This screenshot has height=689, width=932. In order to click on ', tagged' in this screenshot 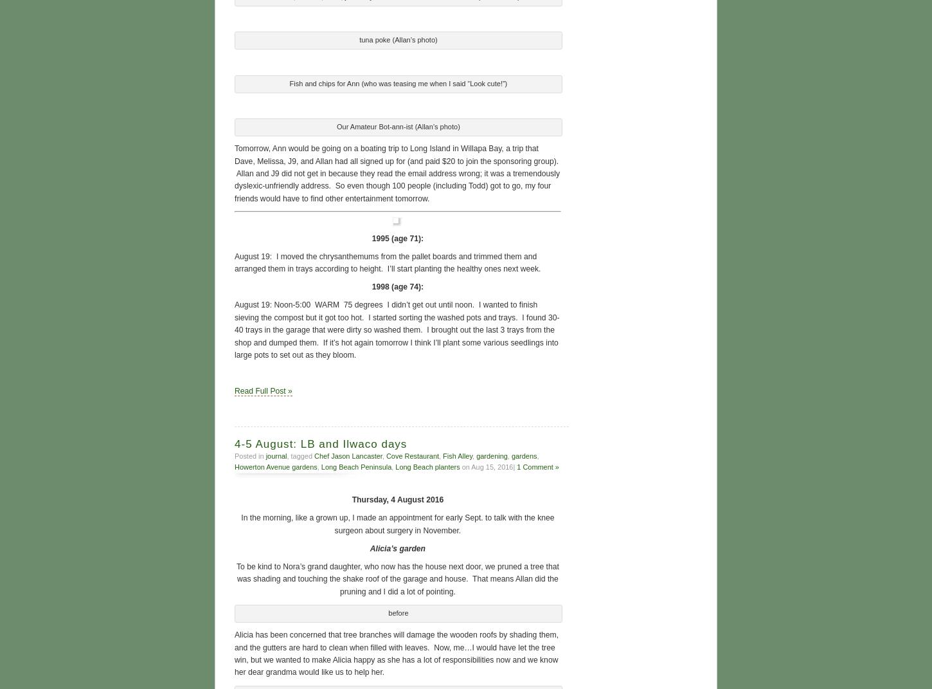, I will do `click(286, 454)`.